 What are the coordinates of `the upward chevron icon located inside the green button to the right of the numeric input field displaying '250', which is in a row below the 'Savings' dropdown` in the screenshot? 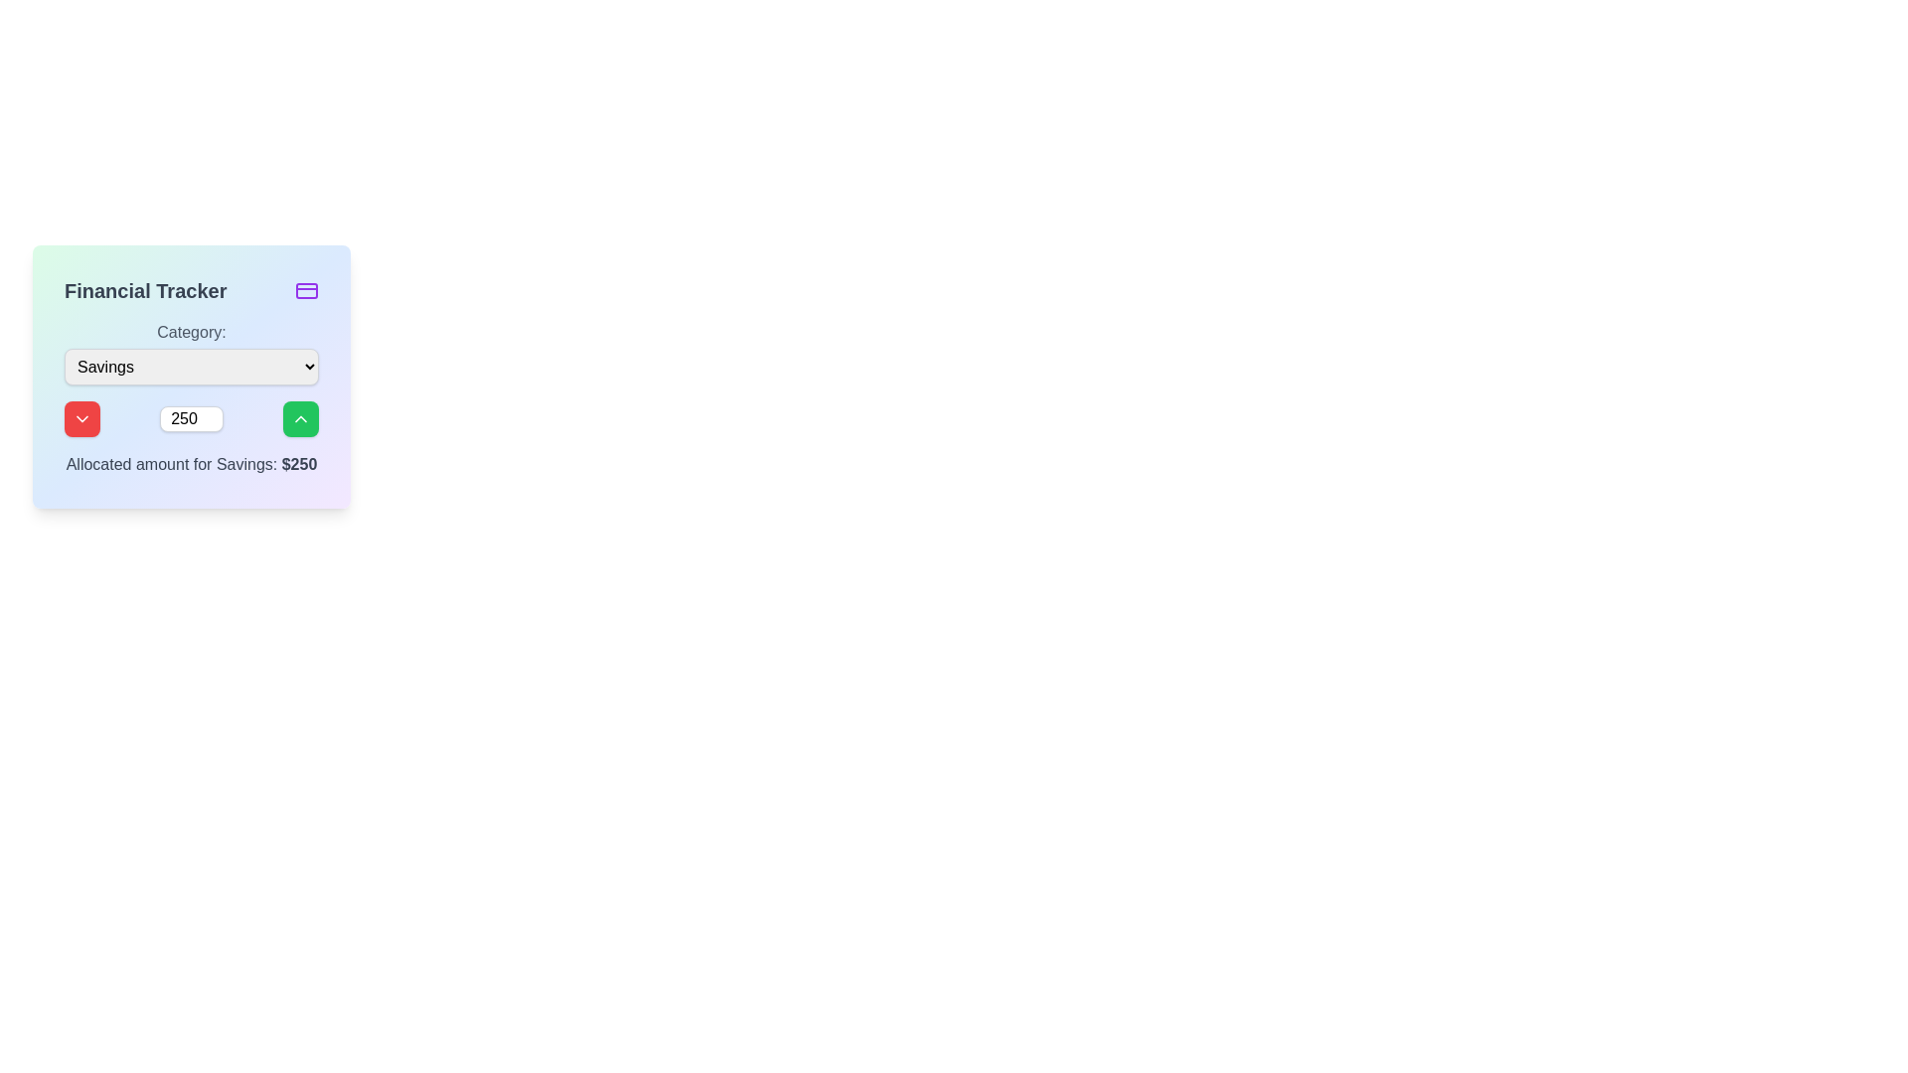 It's located at (299, 417).